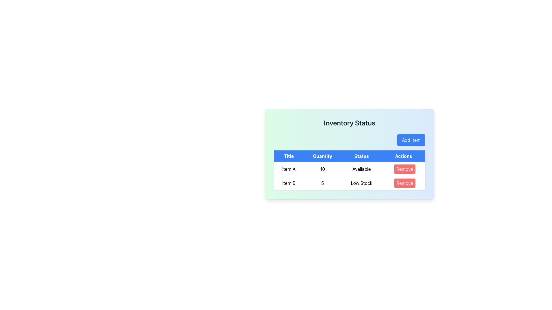 The height and width of the screenshot is (310, 552). I want to click on numeric value '5' displayed in the Label under the 'Quantity' column for 'Item B' in the table layout, so click(322, 183).